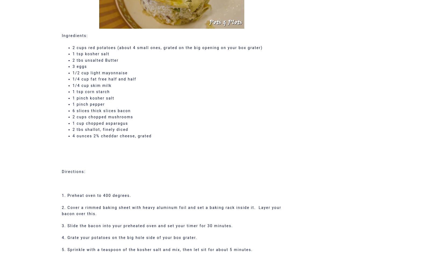 The width and height of the screenshot is (430, 254). Describe the element at coordinates (215, 174) in the screenshot. I see `'Smashwords'` at that location.